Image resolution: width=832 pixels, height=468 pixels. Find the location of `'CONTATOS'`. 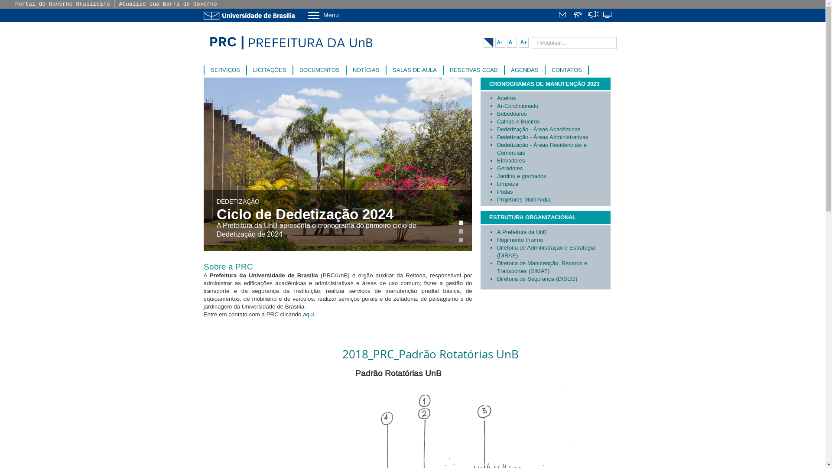

'CONTATOS' is located at coordinates (566, 70).